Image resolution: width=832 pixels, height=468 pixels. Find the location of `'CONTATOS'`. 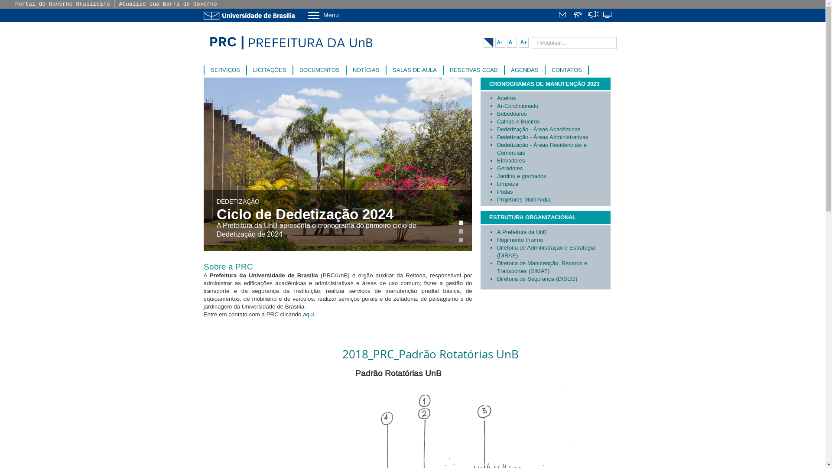

'CONTATOS' is located at coordinates (566, 70).